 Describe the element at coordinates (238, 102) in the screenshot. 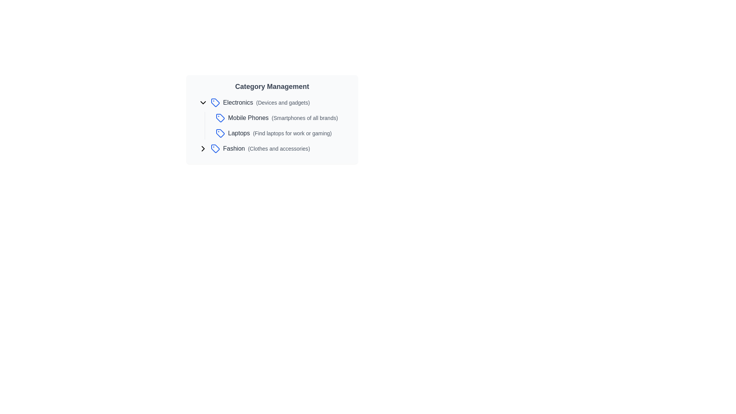

I see `the static text label displaying 'Electronics', which is a bold gray title positioned above 'Mobile Phones' in the 'Category Management' section` at that location.